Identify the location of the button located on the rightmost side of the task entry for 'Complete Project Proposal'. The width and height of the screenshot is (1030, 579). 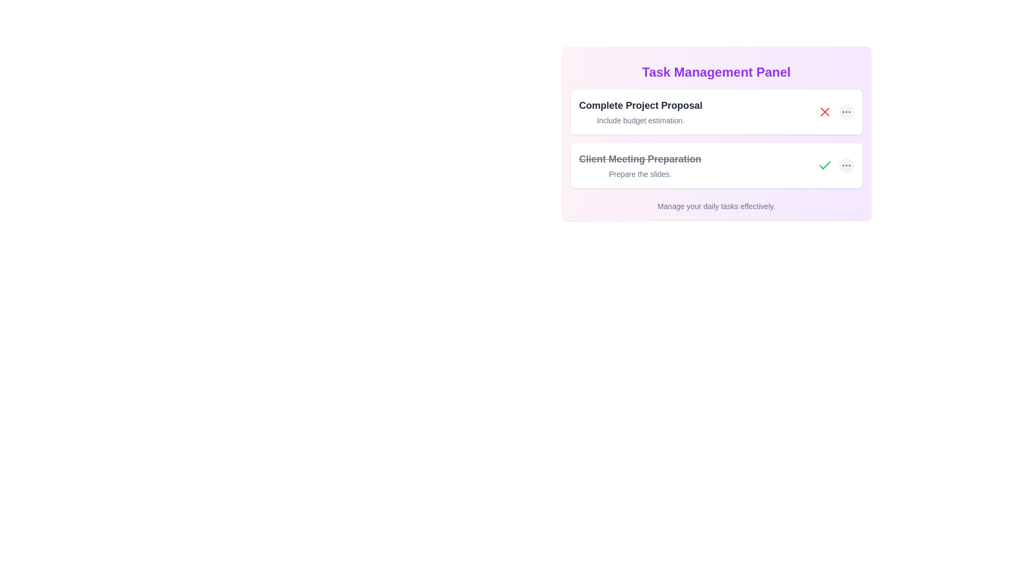
(845, 112).